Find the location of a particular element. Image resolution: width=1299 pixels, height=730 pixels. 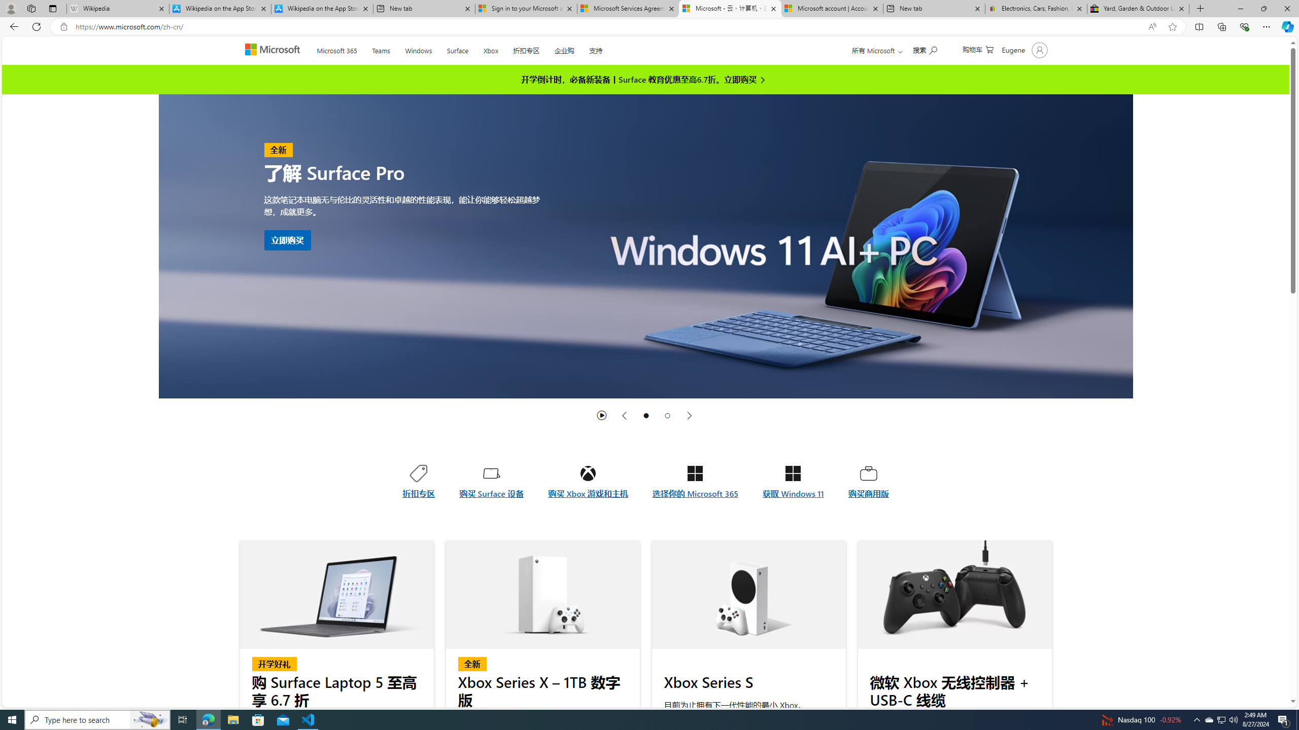

'Teams' is located at coordinates (381, 49).